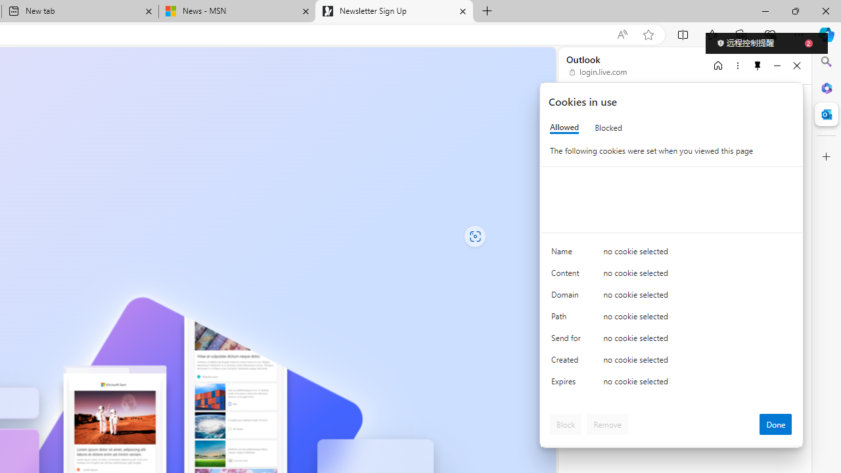  Describe the element at coordinates (568, 298) in the screenshot. I see `'Domain'` at that location.